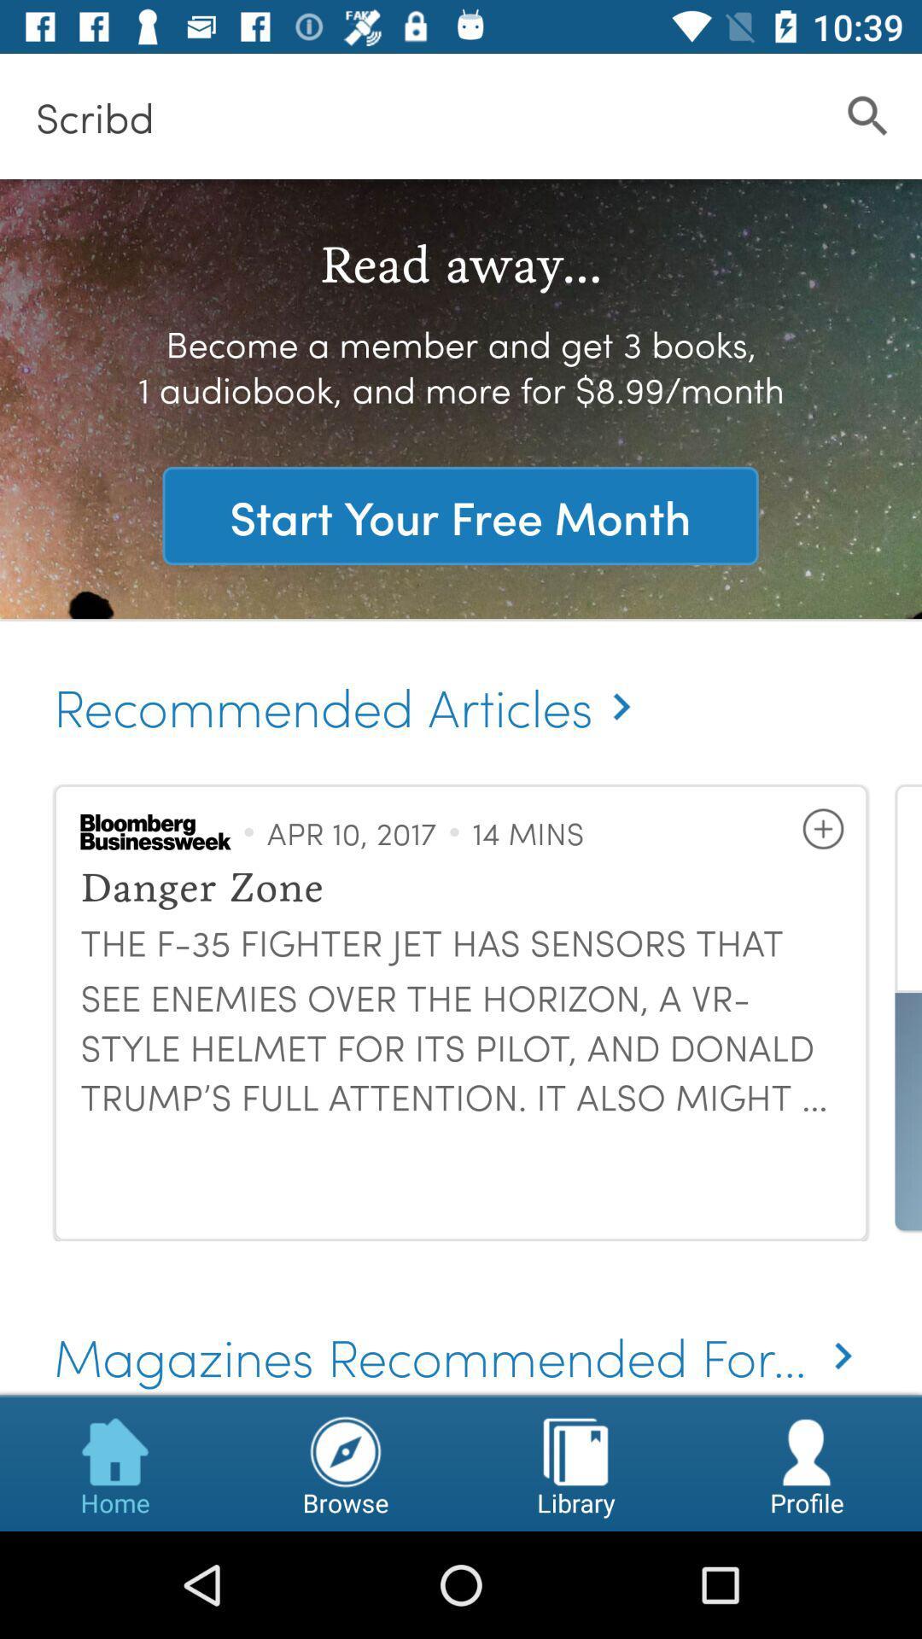  Describe the element at coordinates (822, 829) in the screenshot. I see `the item to the right of the 14 mins icon` at that location.